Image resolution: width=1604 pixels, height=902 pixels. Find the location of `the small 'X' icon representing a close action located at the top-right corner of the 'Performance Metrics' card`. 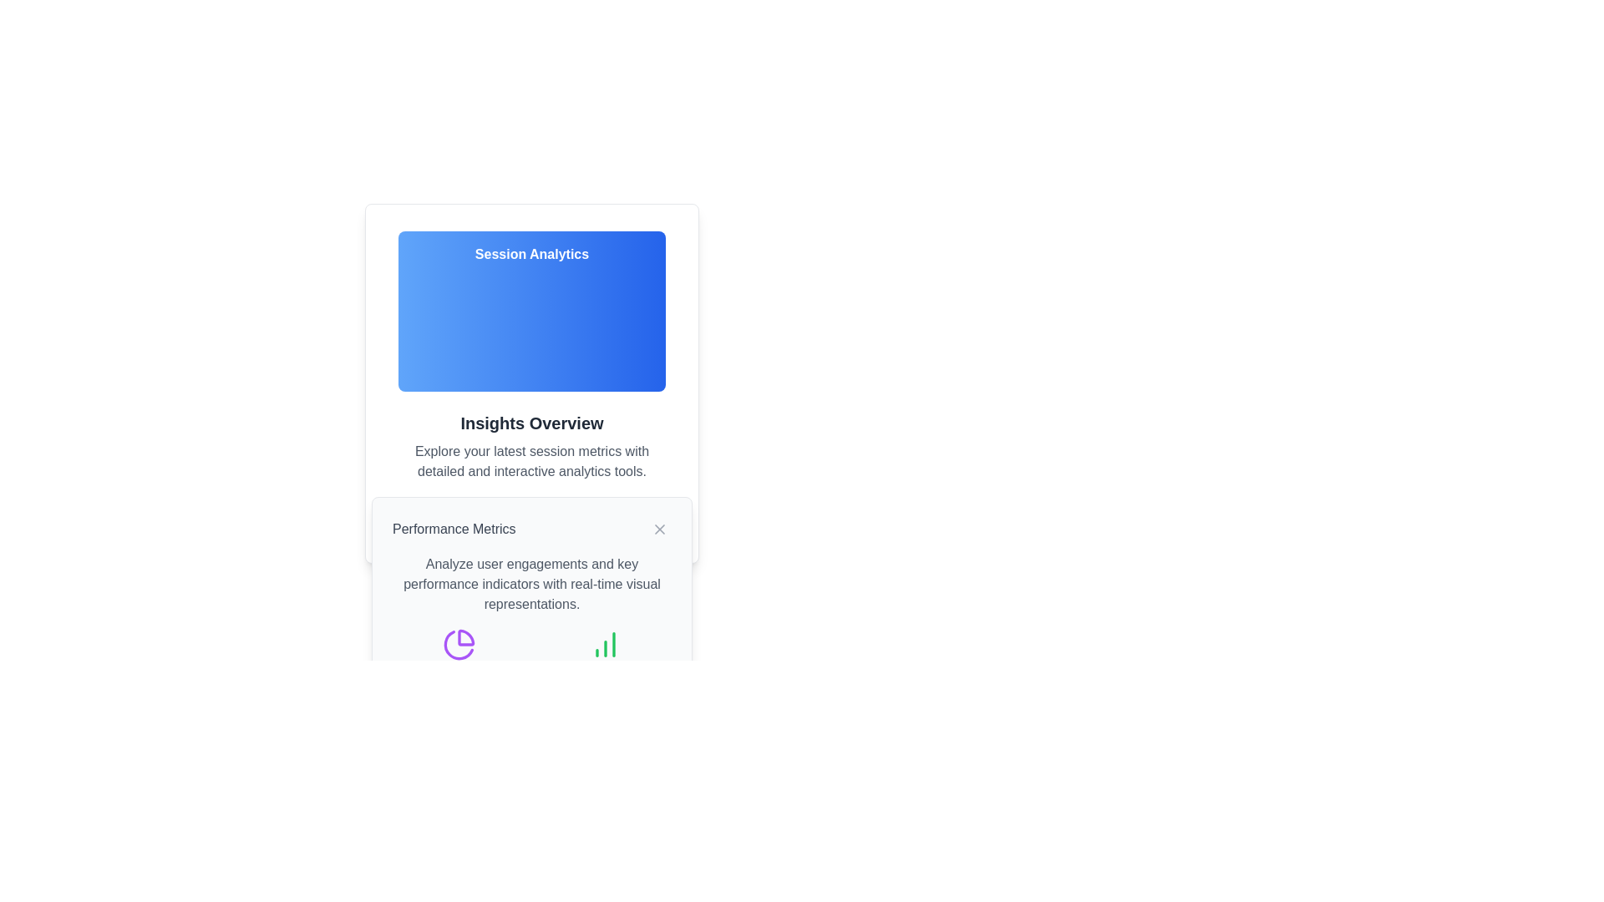

the small 'X' icon representing a close action located at the top-right corner of the 'Performance Metrics' card is located at coordinates (659, 529).